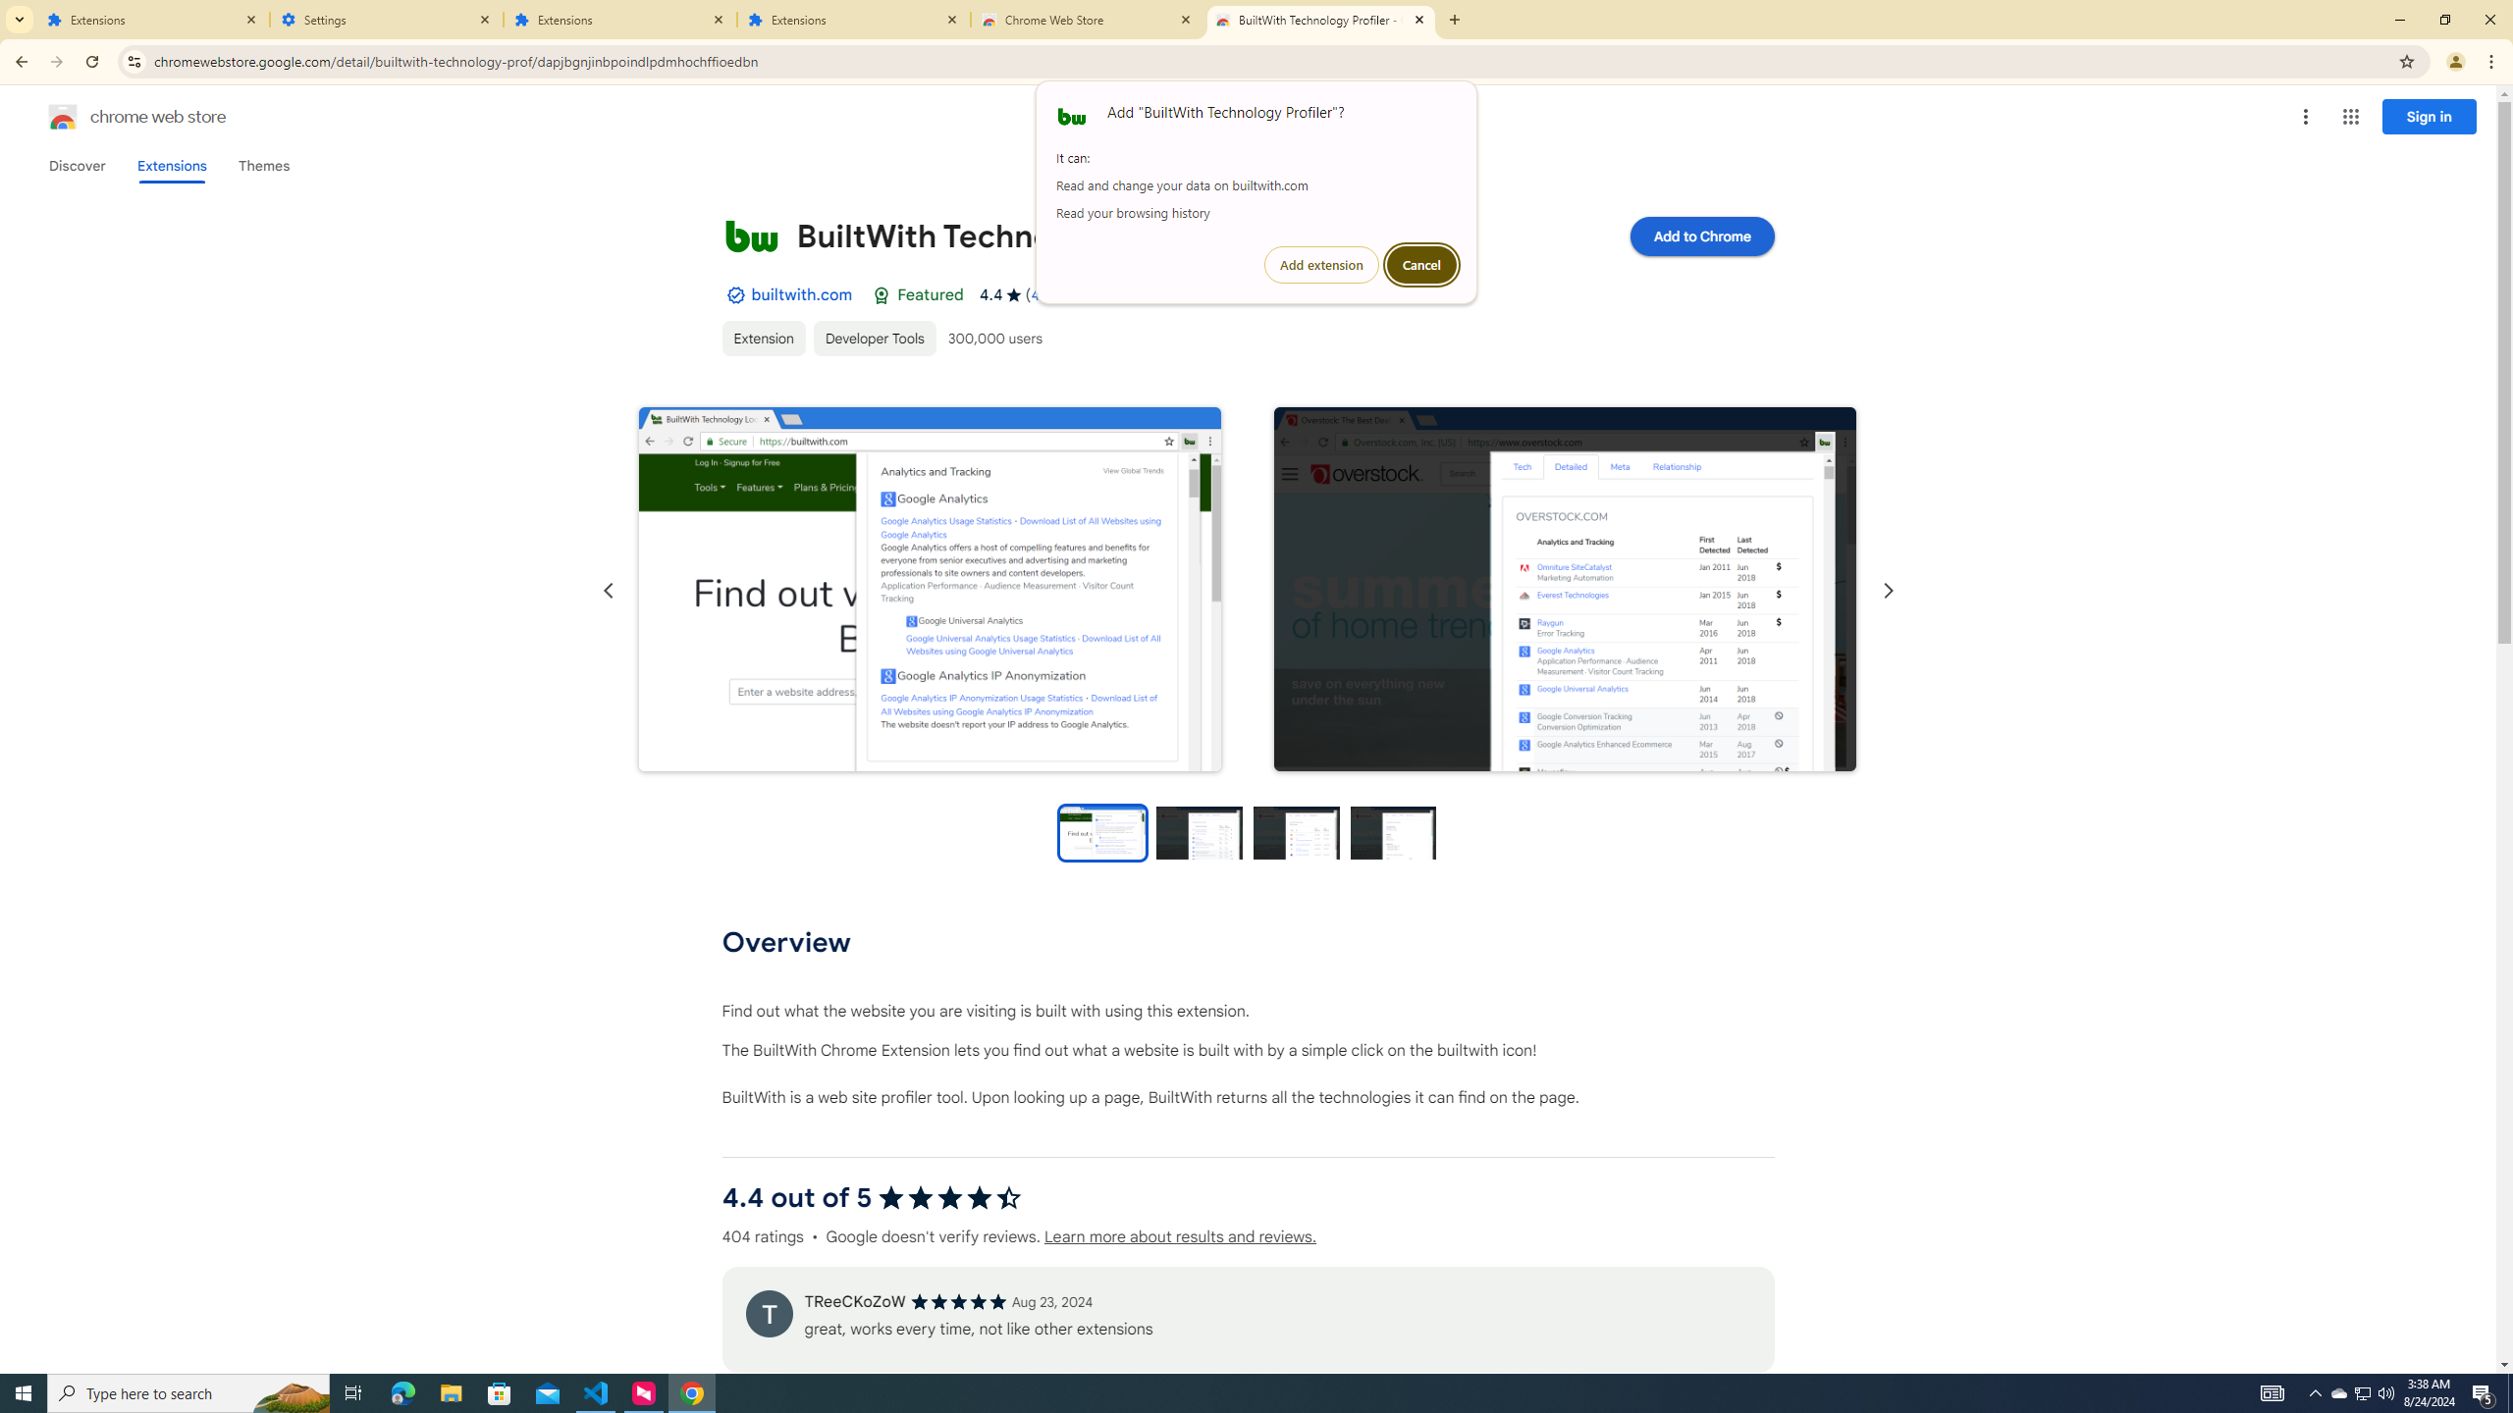  I want to click on 'Action Center, 5 new notifications', so click(2484, 1391).